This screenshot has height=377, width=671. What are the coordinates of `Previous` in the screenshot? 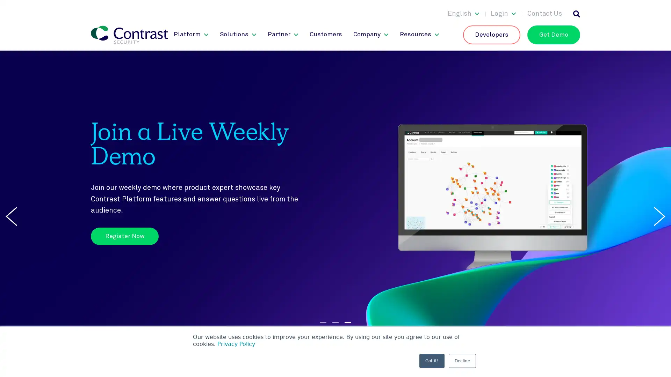 It's located at (11, 215).